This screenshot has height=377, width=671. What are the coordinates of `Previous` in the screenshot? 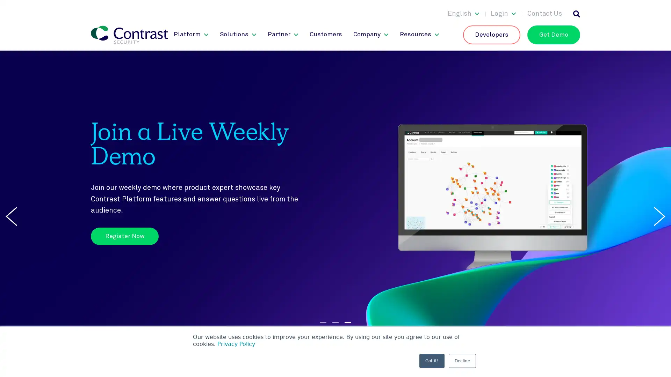 It's located at (11, 215).